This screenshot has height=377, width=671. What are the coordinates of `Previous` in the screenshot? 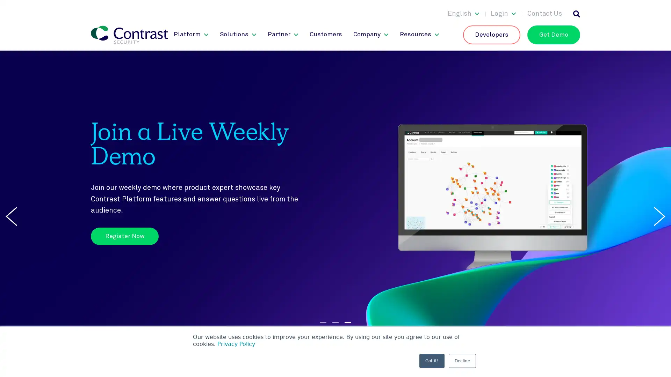 It's located at (11, 215).